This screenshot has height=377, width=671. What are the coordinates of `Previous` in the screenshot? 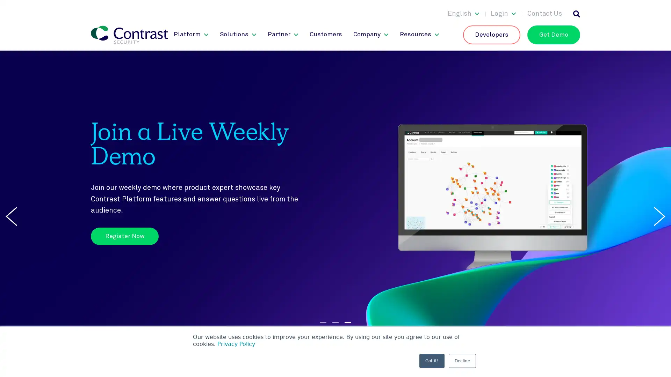 It's located at (11, 215).